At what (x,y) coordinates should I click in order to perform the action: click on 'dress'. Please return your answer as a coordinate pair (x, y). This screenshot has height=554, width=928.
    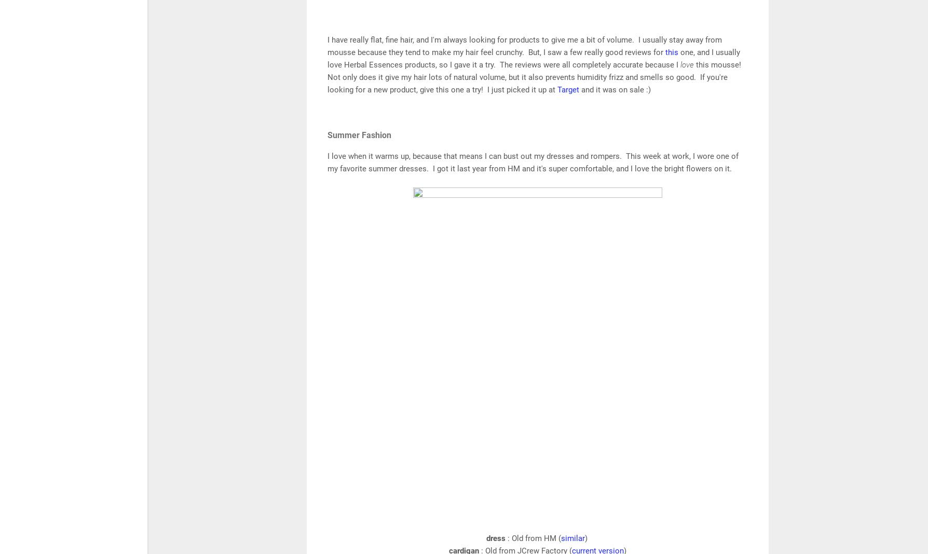
    Looking at the image, I should click on (496, 538).